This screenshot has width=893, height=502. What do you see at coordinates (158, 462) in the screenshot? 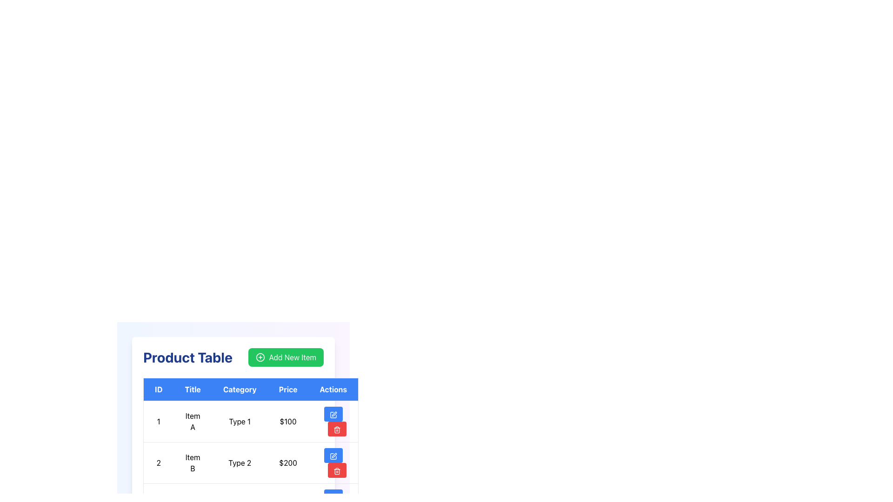
I see `the table cell containing the text '2' in the 'ID' column` at bounding box center [158, 462].